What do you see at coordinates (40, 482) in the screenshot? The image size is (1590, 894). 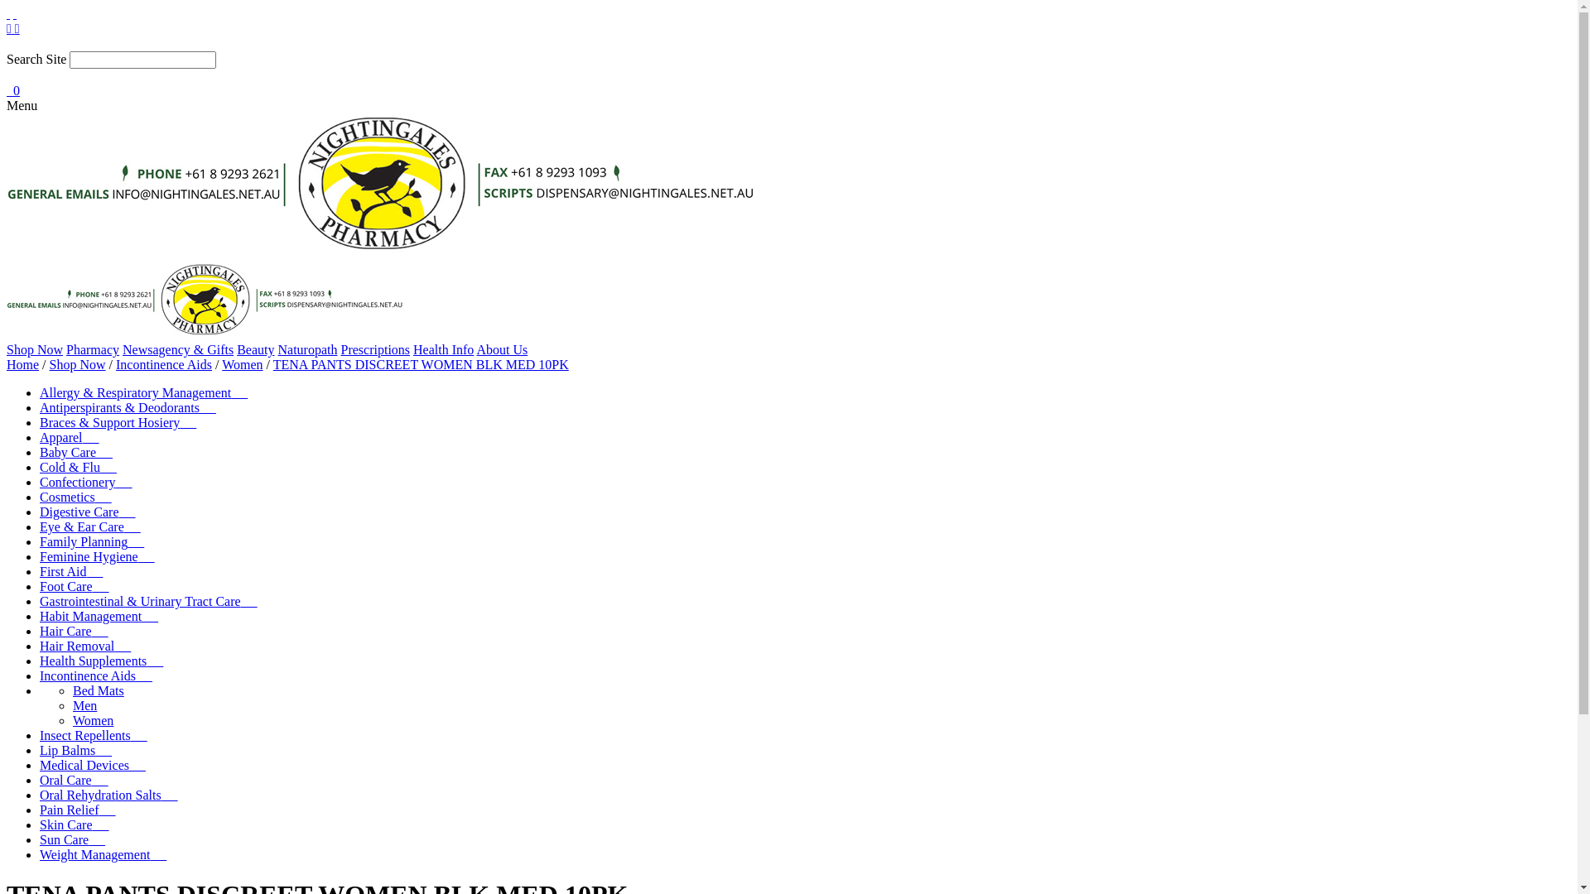 I see `'Confectionery     '` at bounding box center [40, 482].